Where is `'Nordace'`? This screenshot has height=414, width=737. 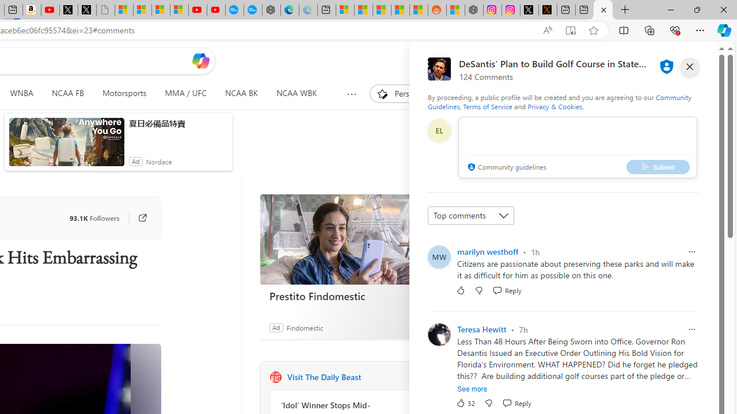 'Nordace' is located at coordinates (158, 161).